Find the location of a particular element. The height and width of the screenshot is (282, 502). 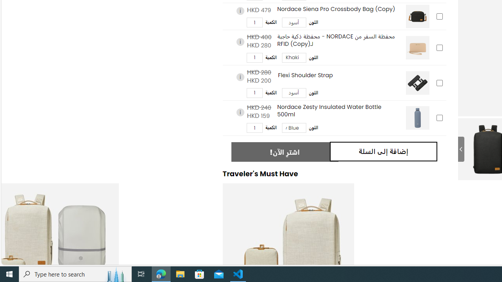

'Class: upsell-v2-product-upsell-variable-product-qty-select' is located at coordinates (254, 127).